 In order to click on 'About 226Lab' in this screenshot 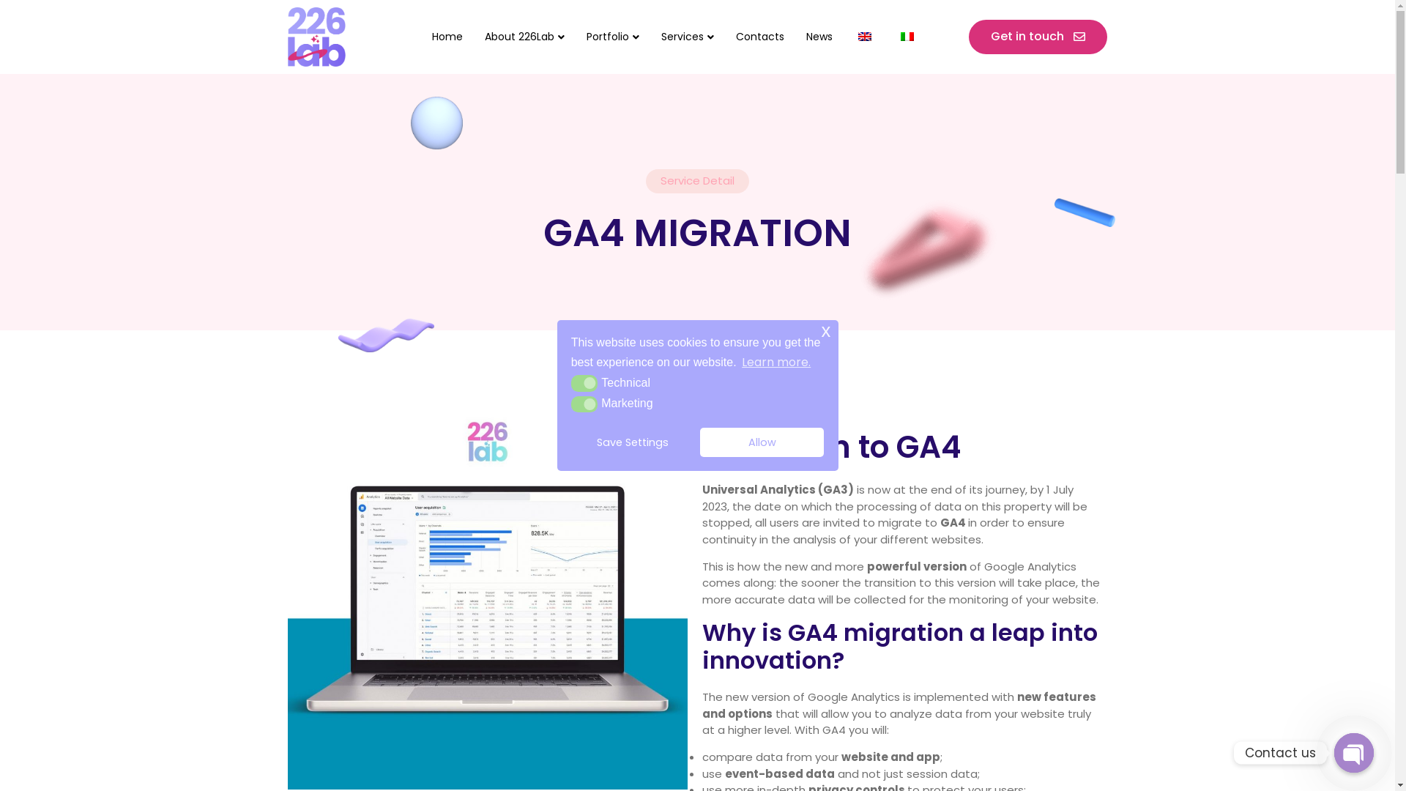, I will do `click(524, 36)`.